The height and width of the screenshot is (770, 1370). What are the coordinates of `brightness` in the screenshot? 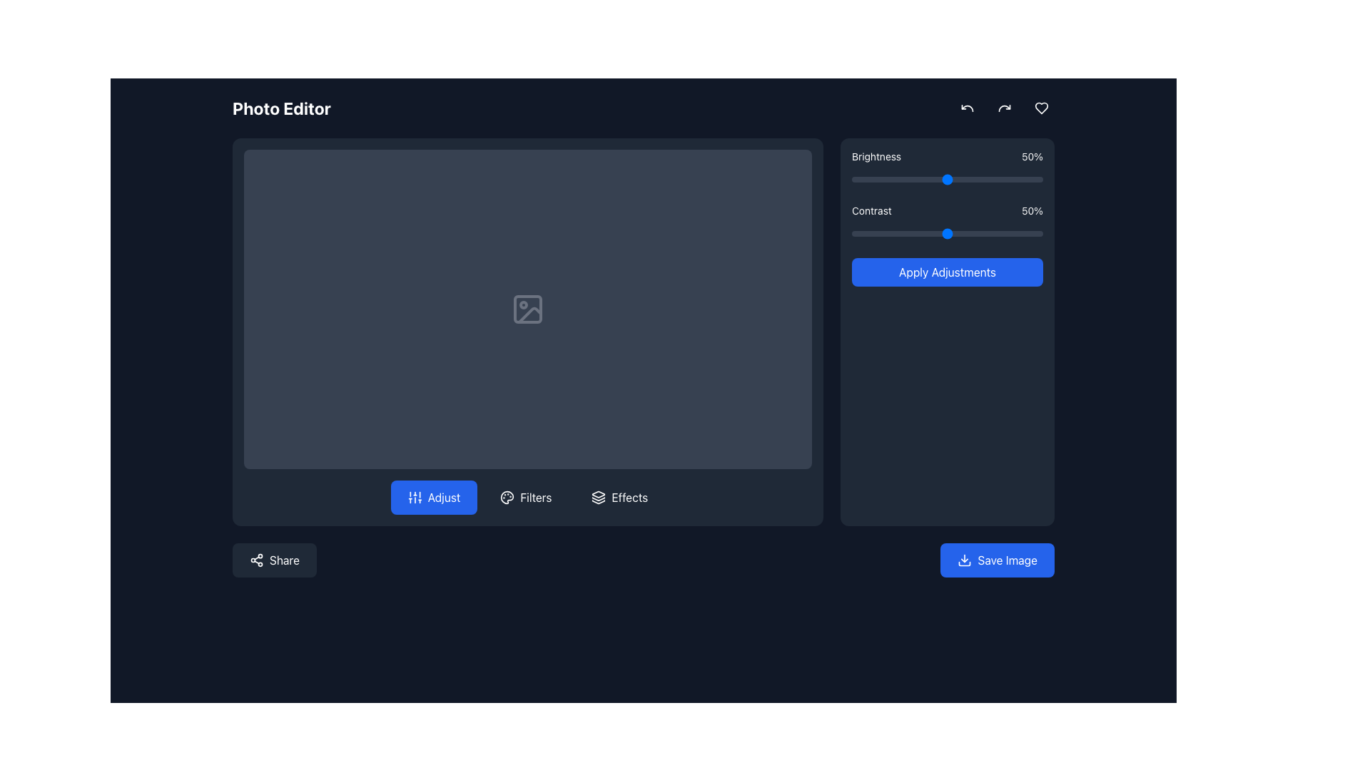 It's located at (926, 178).